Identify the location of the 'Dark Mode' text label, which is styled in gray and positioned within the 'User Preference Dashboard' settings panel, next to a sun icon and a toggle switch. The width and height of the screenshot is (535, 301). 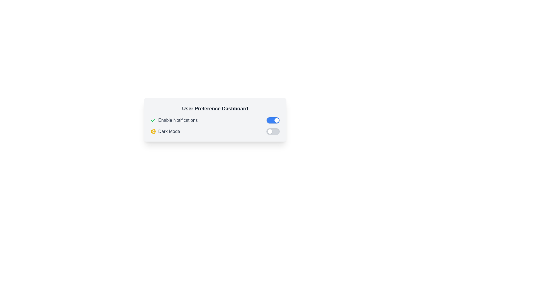
(169, 131).